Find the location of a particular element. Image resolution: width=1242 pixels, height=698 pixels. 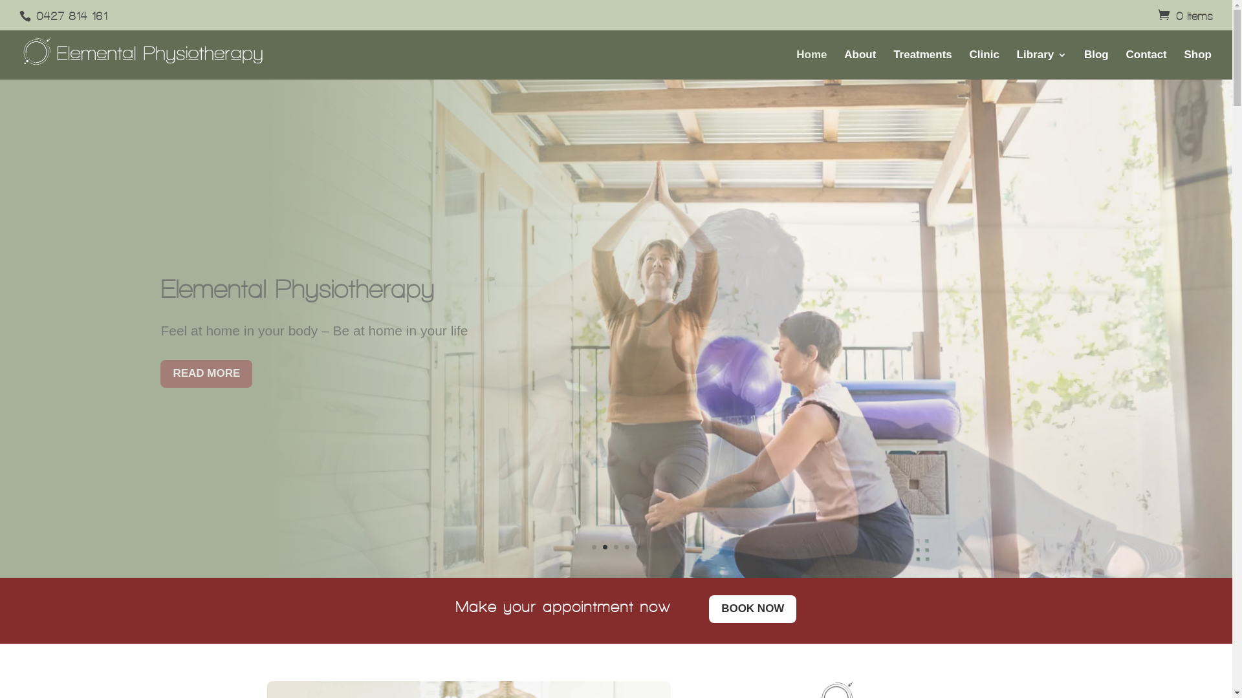

'BOOK NOW' is located at coordinates (708, 609).